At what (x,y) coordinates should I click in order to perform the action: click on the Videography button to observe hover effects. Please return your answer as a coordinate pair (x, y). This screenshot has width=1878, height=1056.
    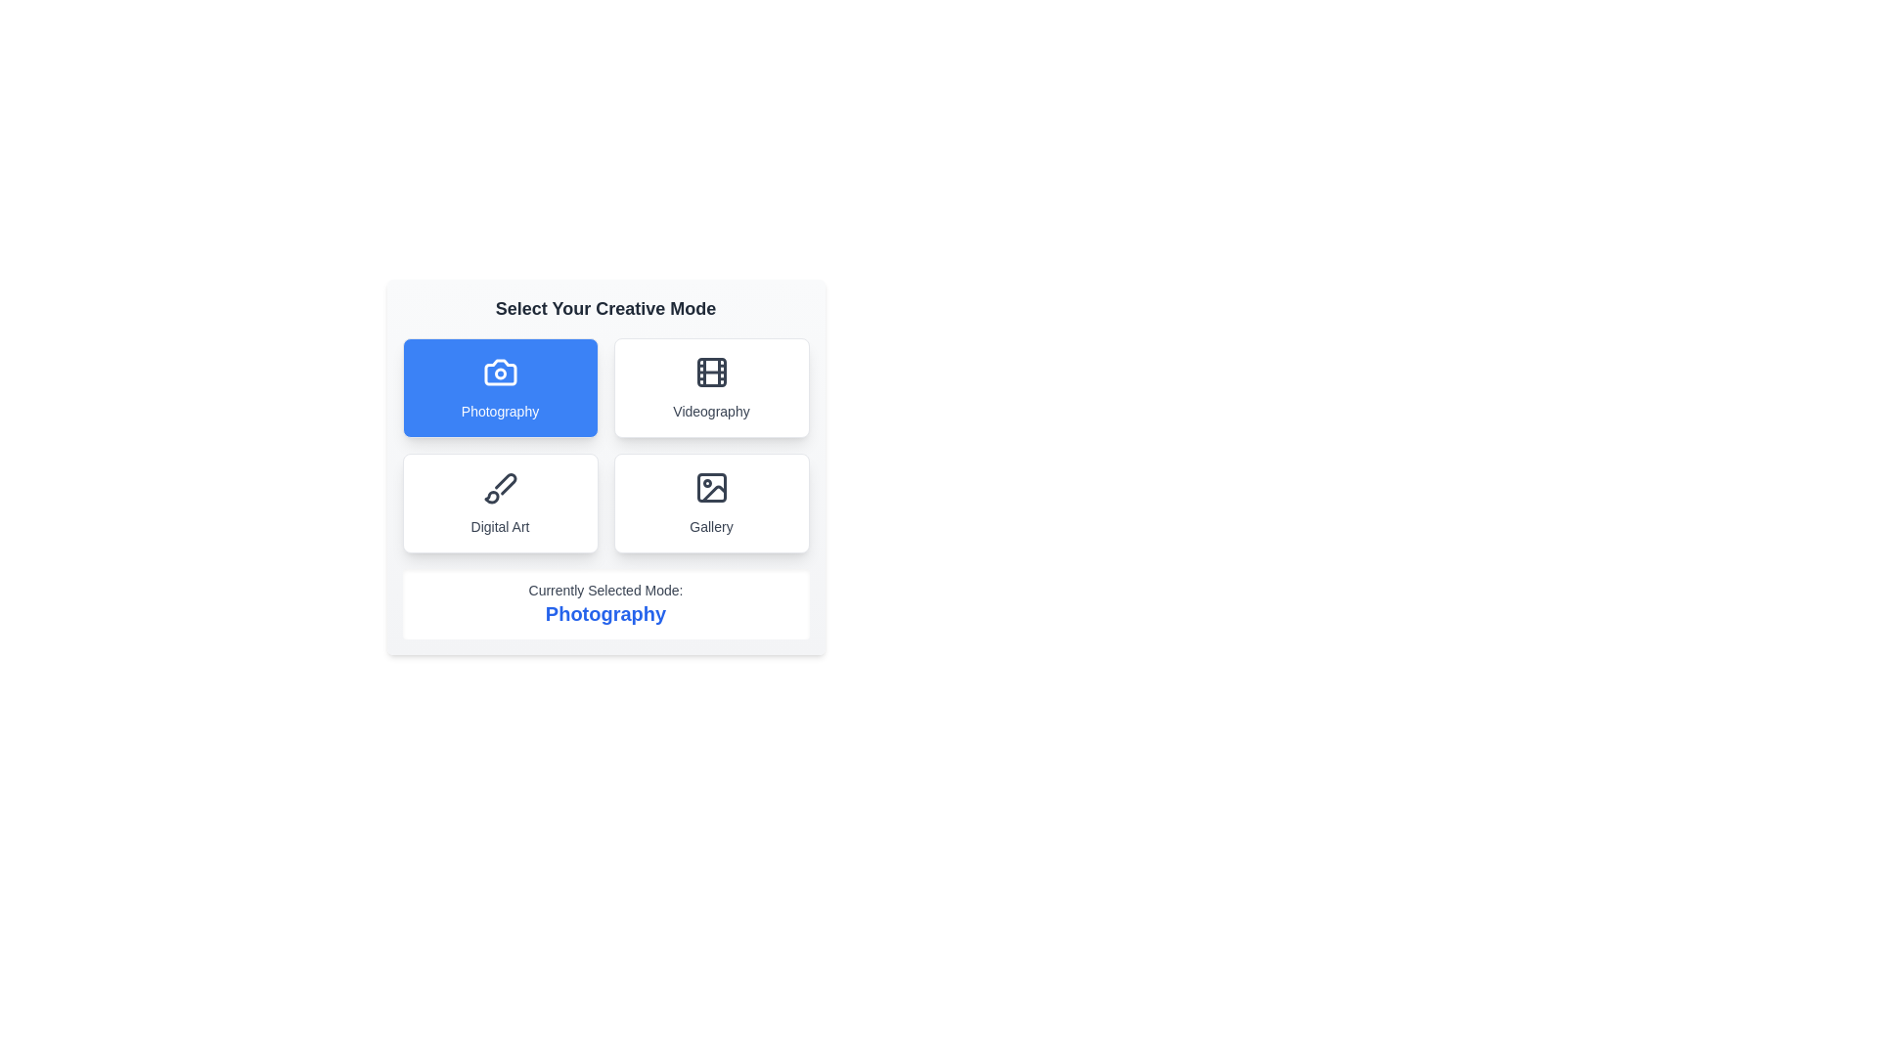
    Looking at the image, I should click on (710, 388).